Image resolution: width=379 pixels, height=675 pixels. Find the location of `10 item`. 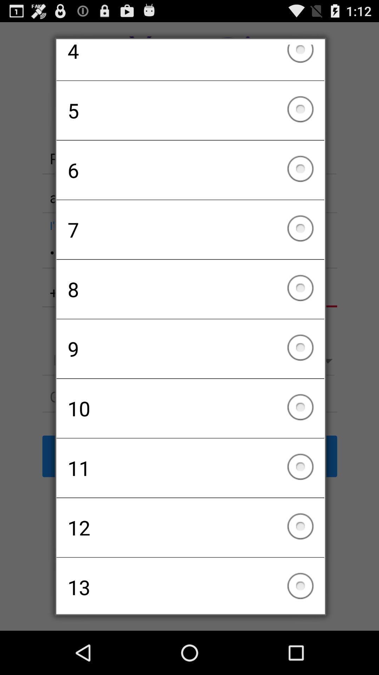

10 item is located at coordinates (190, 408).